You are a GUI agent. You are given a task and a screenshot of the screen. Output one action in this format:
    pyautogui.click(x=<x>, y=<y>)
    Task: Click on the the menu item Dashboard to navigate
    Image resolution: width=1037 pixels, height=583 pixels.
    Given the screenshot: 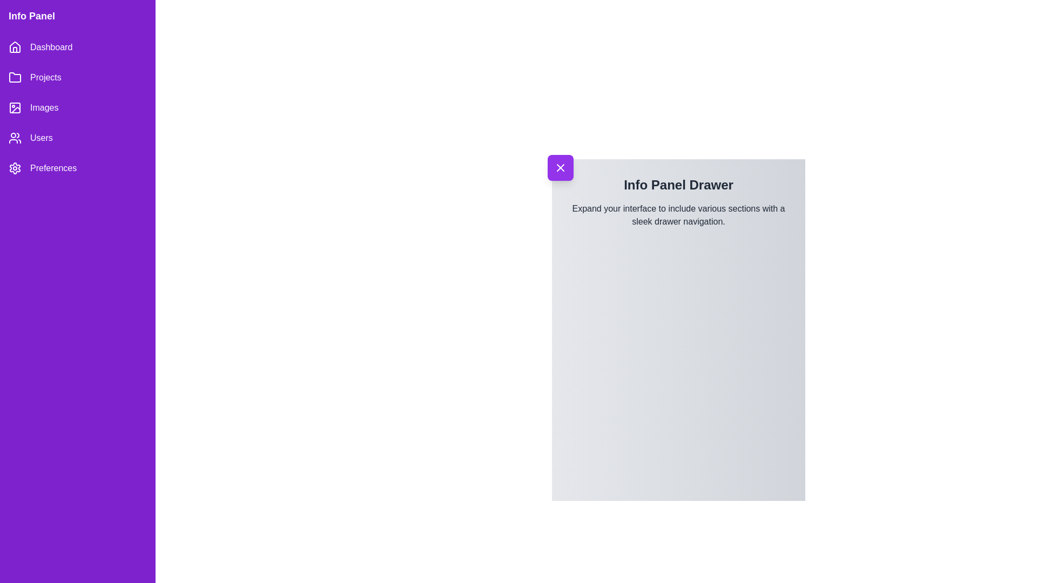 What is the action you would take?
    pyautogui.click(x=77, y=47)
    